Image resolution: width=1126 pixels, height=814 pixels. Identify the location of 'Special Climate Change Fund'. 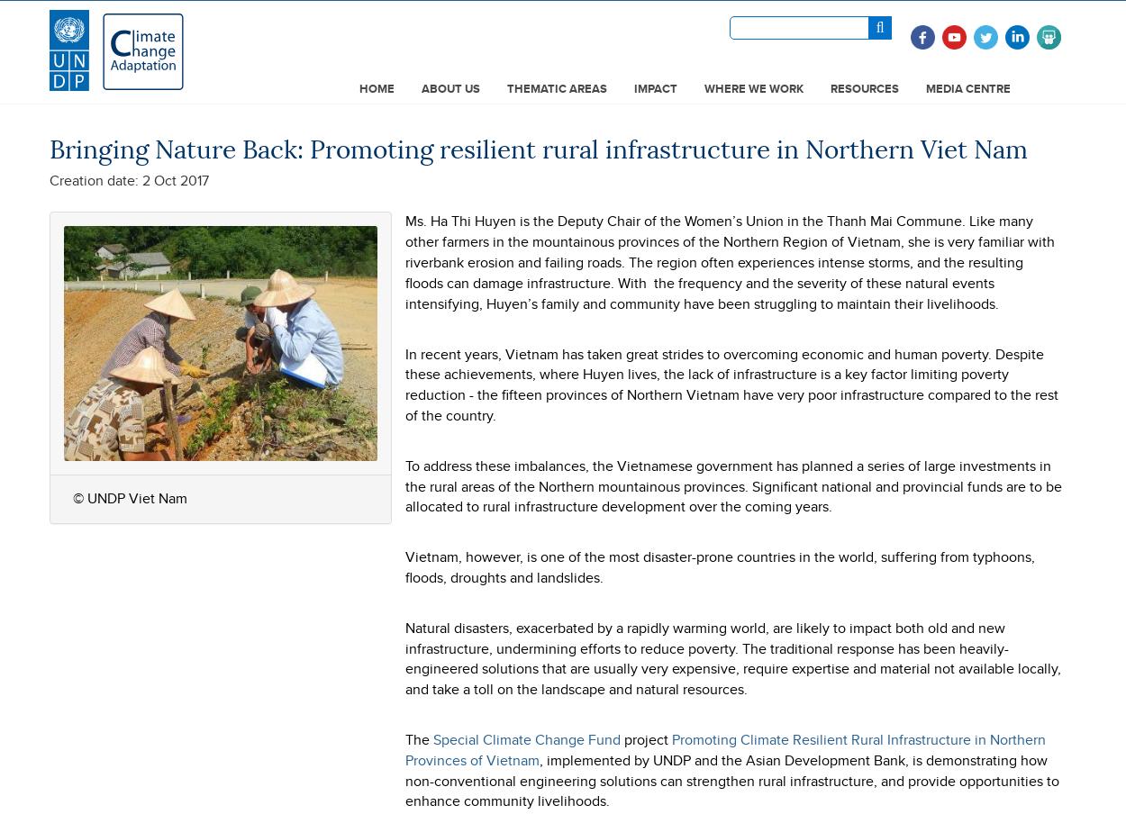
(526, 737).